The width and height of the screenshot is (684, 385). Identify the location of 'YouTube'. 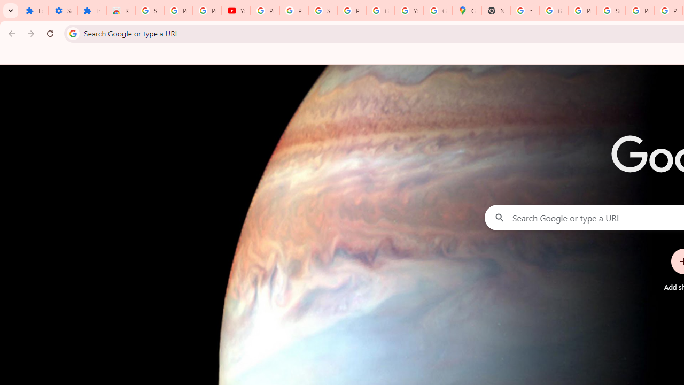
(235, 11).